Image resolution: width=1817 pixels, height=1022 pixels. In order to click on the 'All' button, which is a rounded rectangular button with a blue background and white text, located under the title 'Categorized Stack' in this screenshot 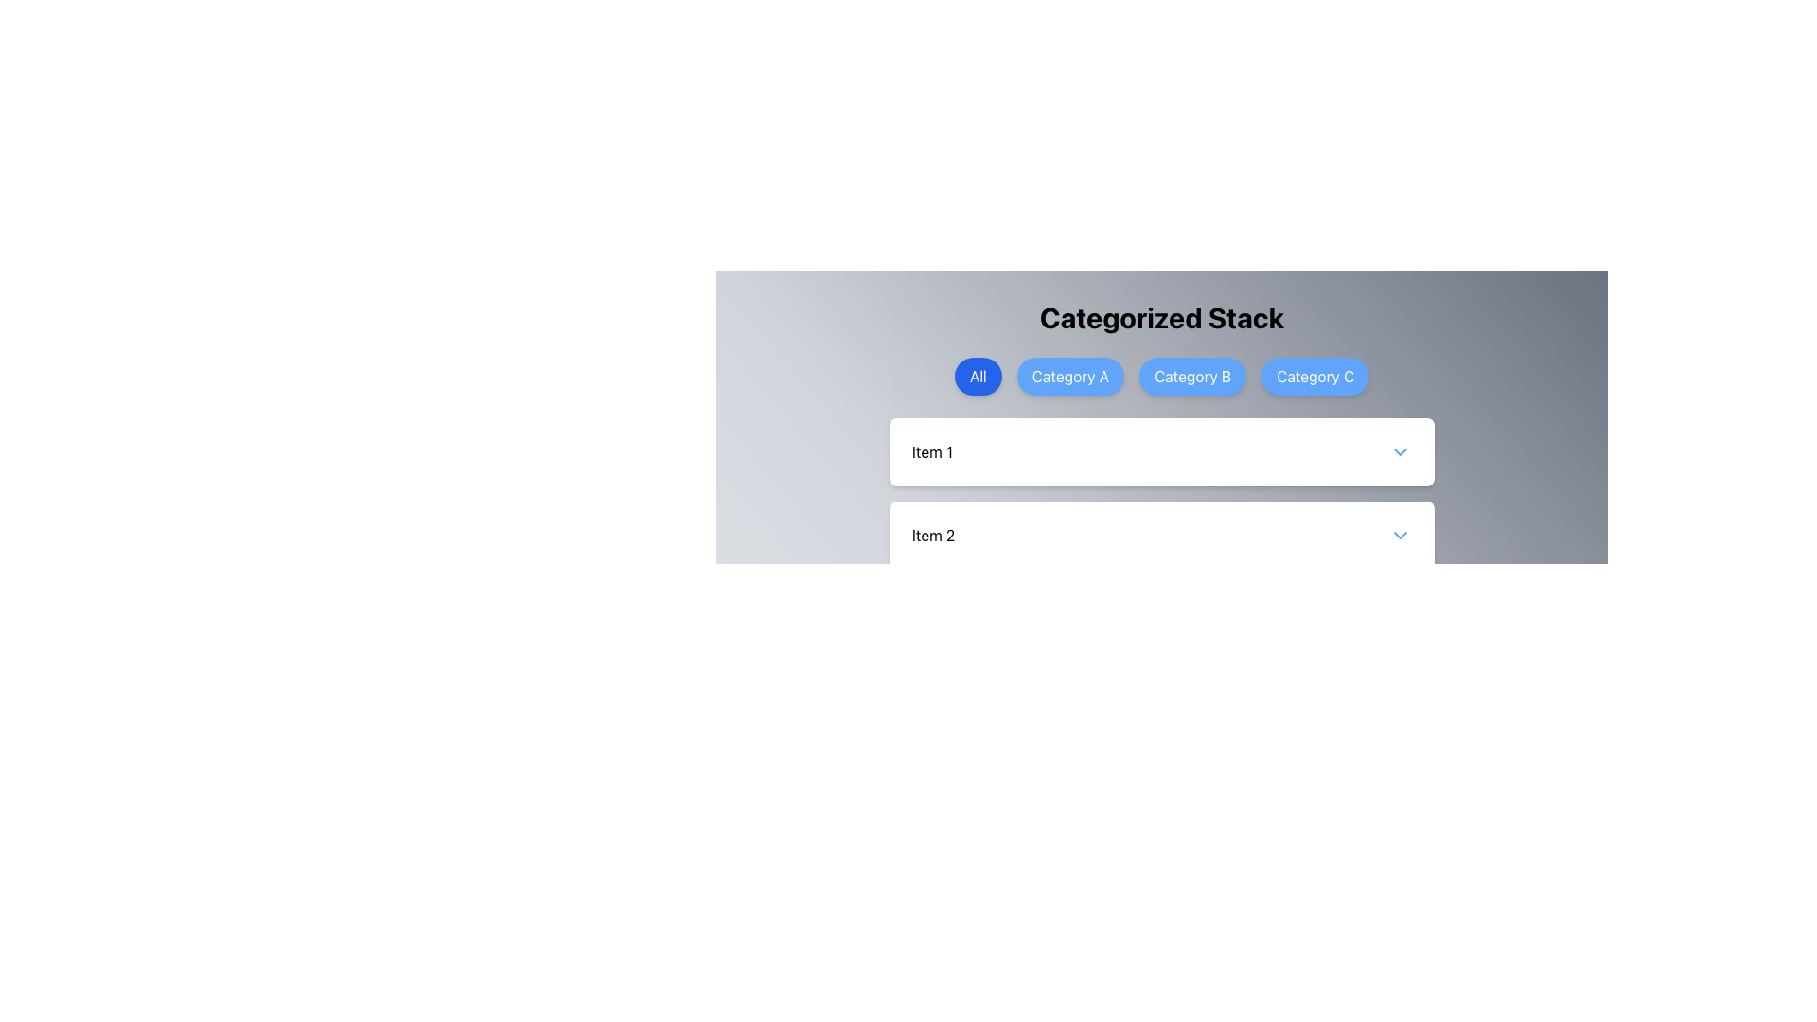, I will do `click(978, 376)`.